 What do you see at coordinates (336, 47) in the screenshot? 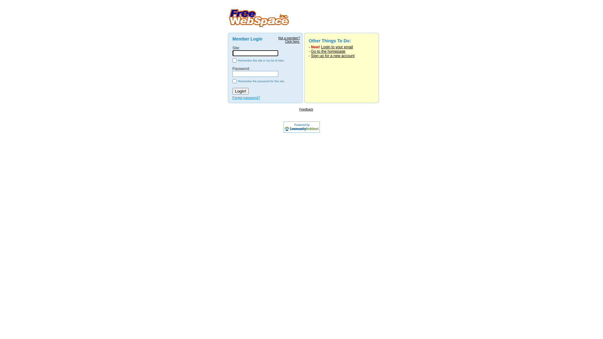
I see `'Login to your email'` at bounding box center [336, 47].